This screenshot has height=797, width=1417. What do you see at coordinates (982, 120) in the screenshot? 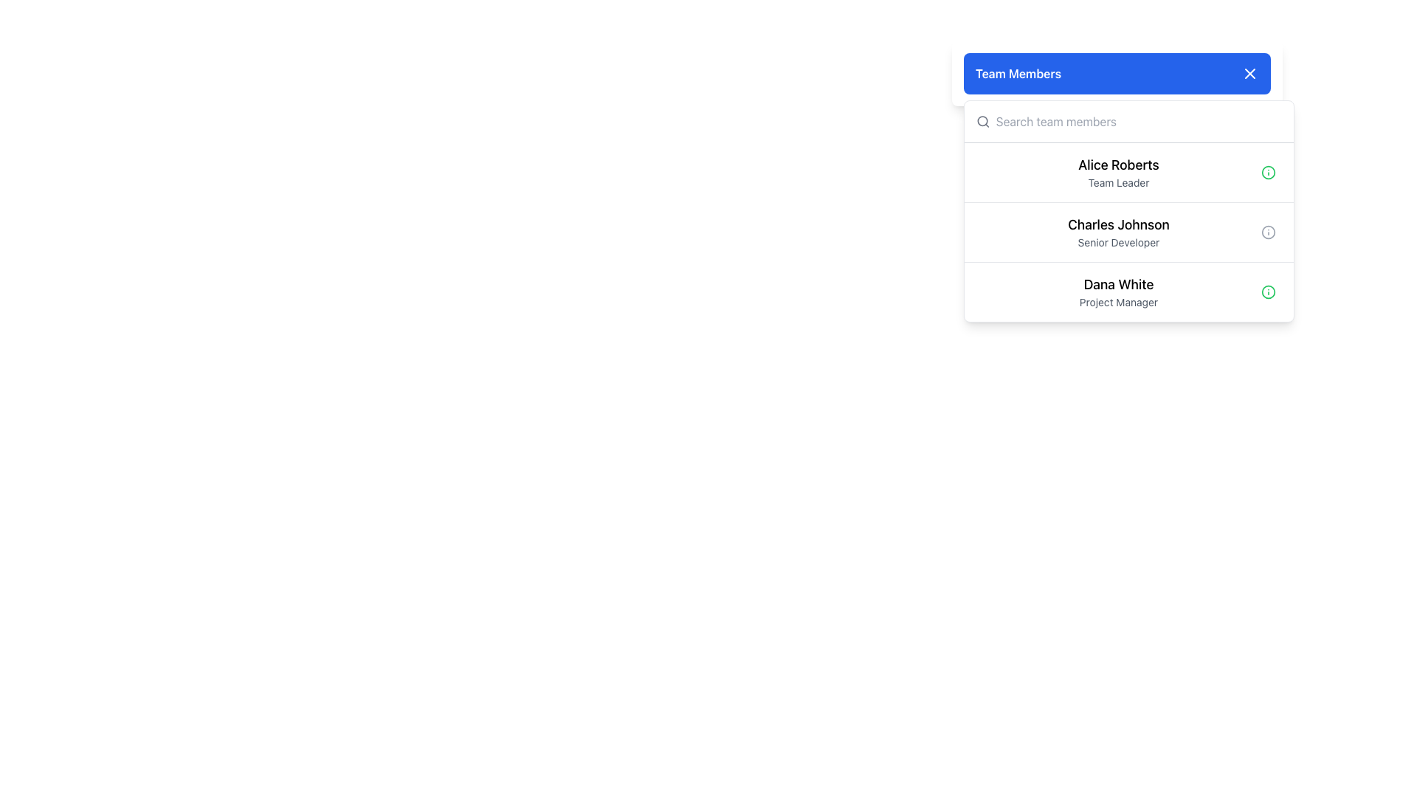
I see `the circular graphical element of the magnifying glass icon used for search functionality, located on the left side of the 'Search team members' input field` at bounding box center [982, 120].